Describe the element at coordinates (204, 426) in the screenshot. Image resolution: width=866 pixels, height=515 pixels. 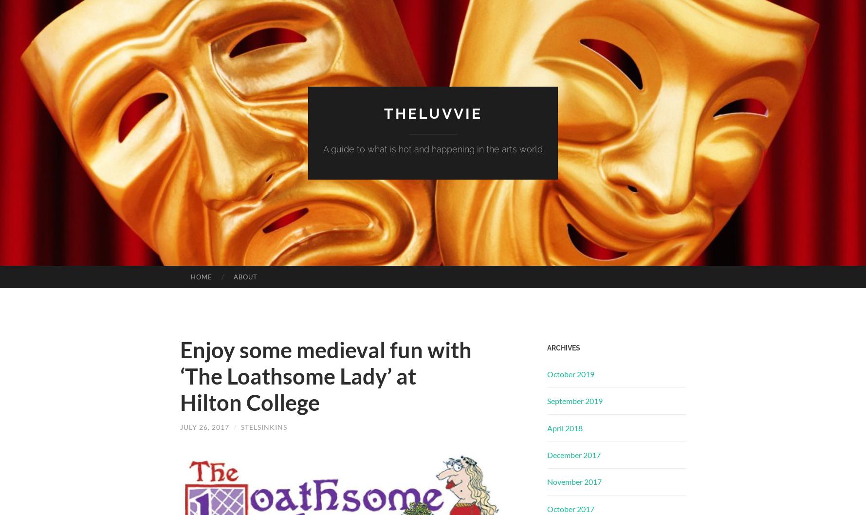
I see `'July 26, 2017'` at that location.